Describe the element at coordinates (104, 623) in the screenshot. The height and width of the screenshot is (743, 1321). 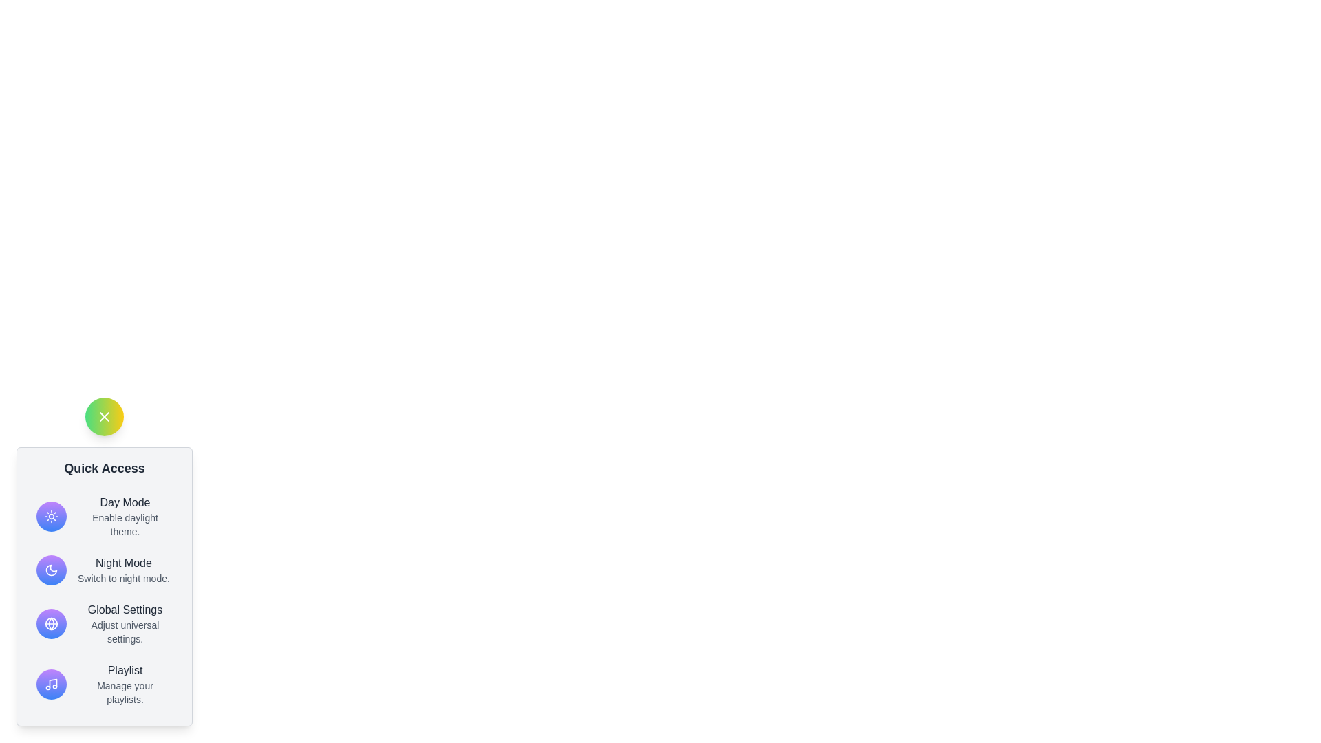
I see `the Global Settings option in the menu` at that location.